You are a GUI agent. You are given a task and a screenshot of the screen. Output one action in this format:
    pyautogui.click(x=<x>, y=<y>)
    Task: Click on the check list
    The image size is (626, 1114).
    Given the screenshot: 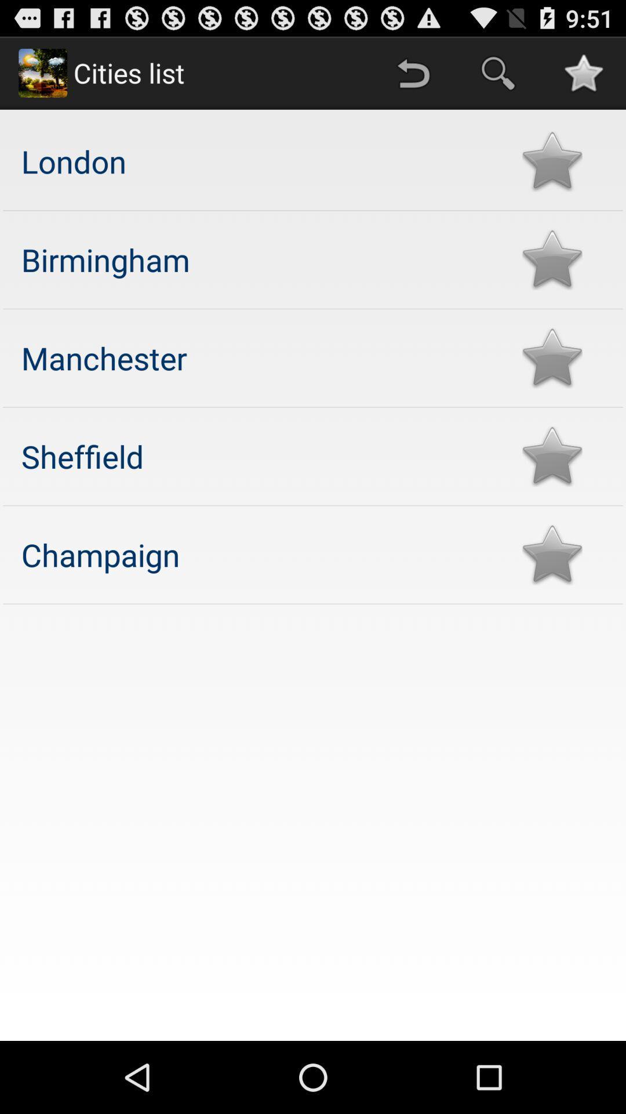 What is the action you would take?
    pyautogui.click(x=551, y=357)
    